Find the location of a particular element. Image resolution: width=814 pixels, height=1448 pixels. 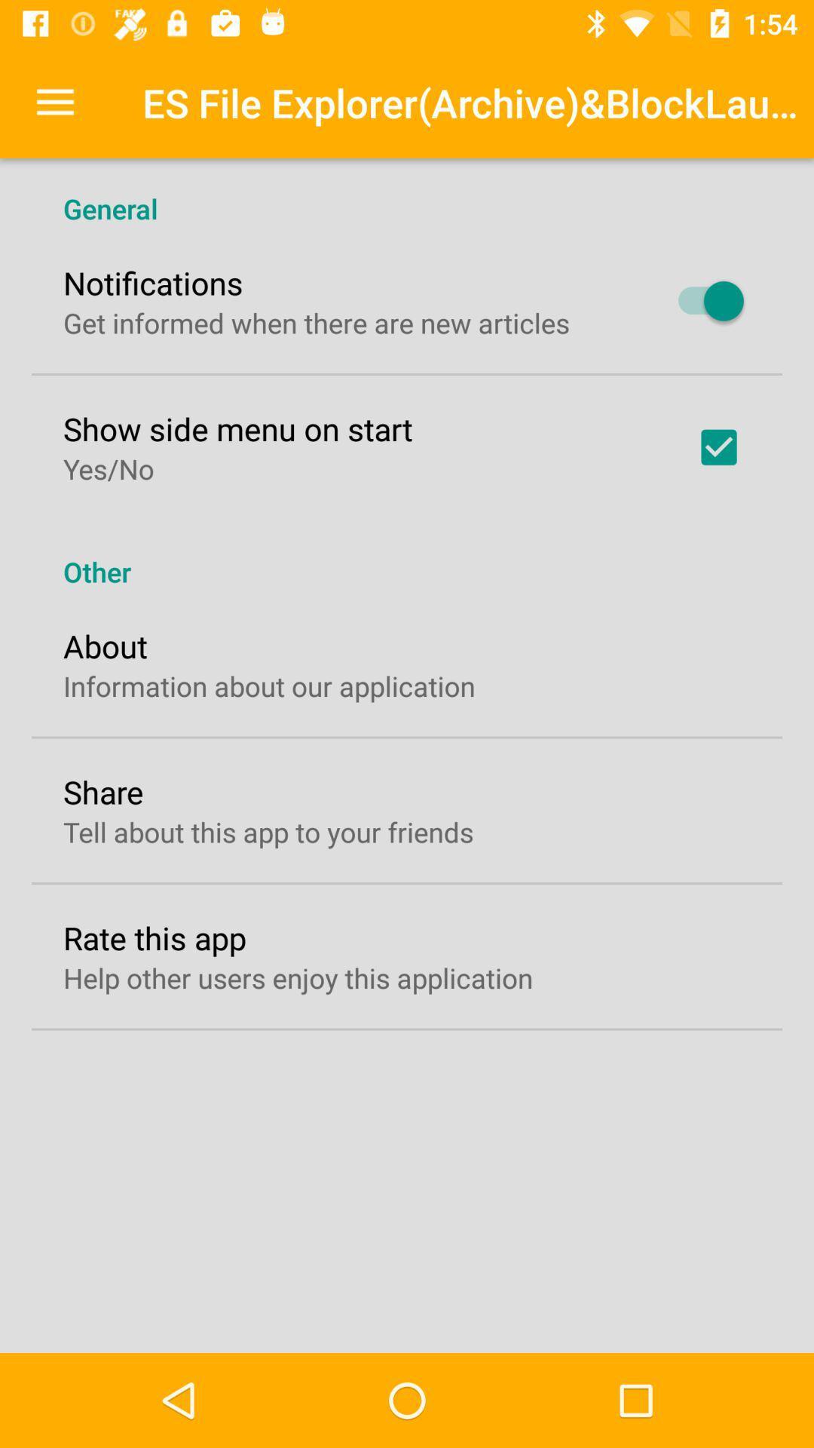

the icon below the about item is located at coordinates (268, 685).